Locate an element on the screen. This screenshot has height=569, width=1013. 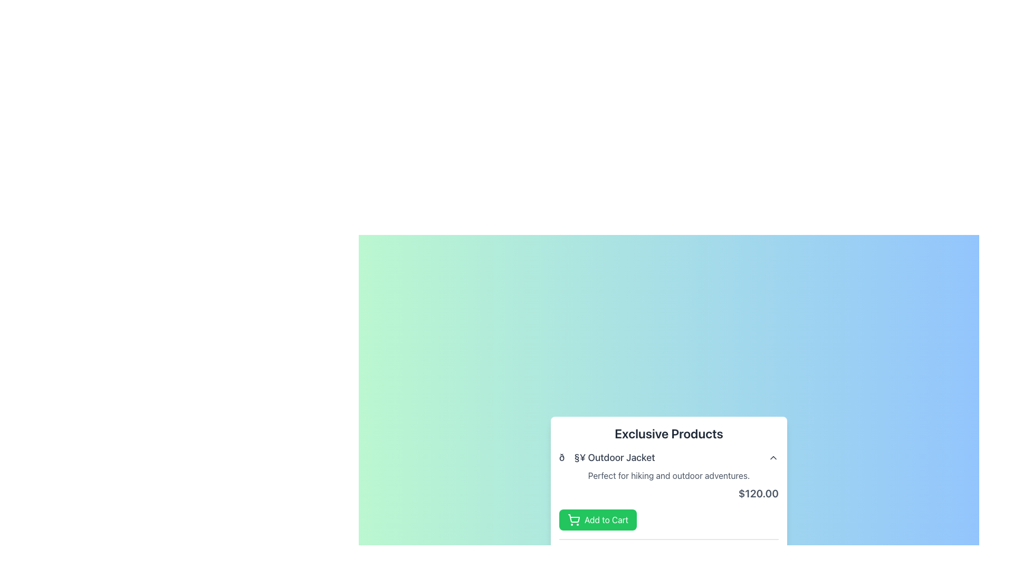
the 'Add to Cart' button with a green background and white text to change its appearance is located at coordinates (598, 519).